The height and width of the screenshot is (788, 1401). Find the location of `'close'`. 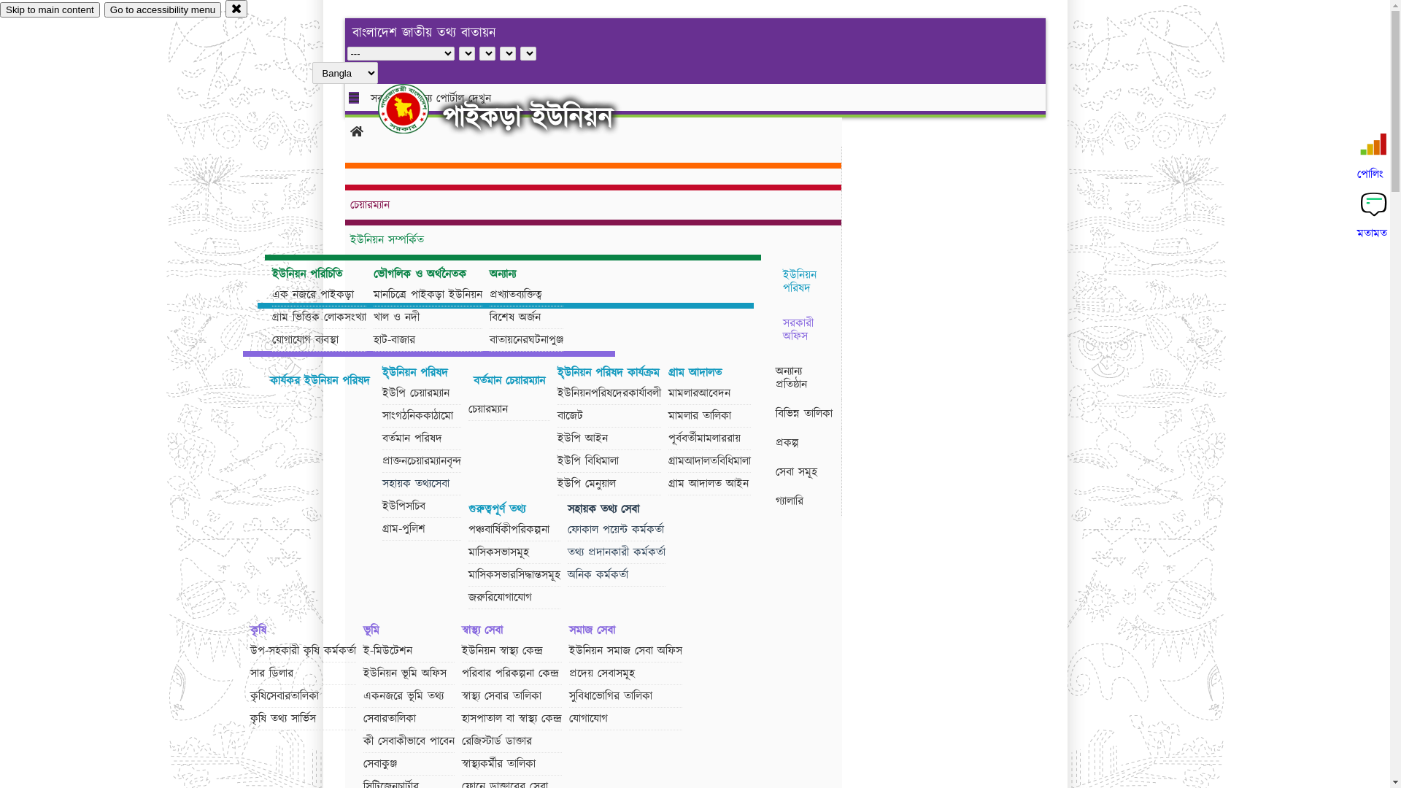

'close' is located at coordinates (236, 8).